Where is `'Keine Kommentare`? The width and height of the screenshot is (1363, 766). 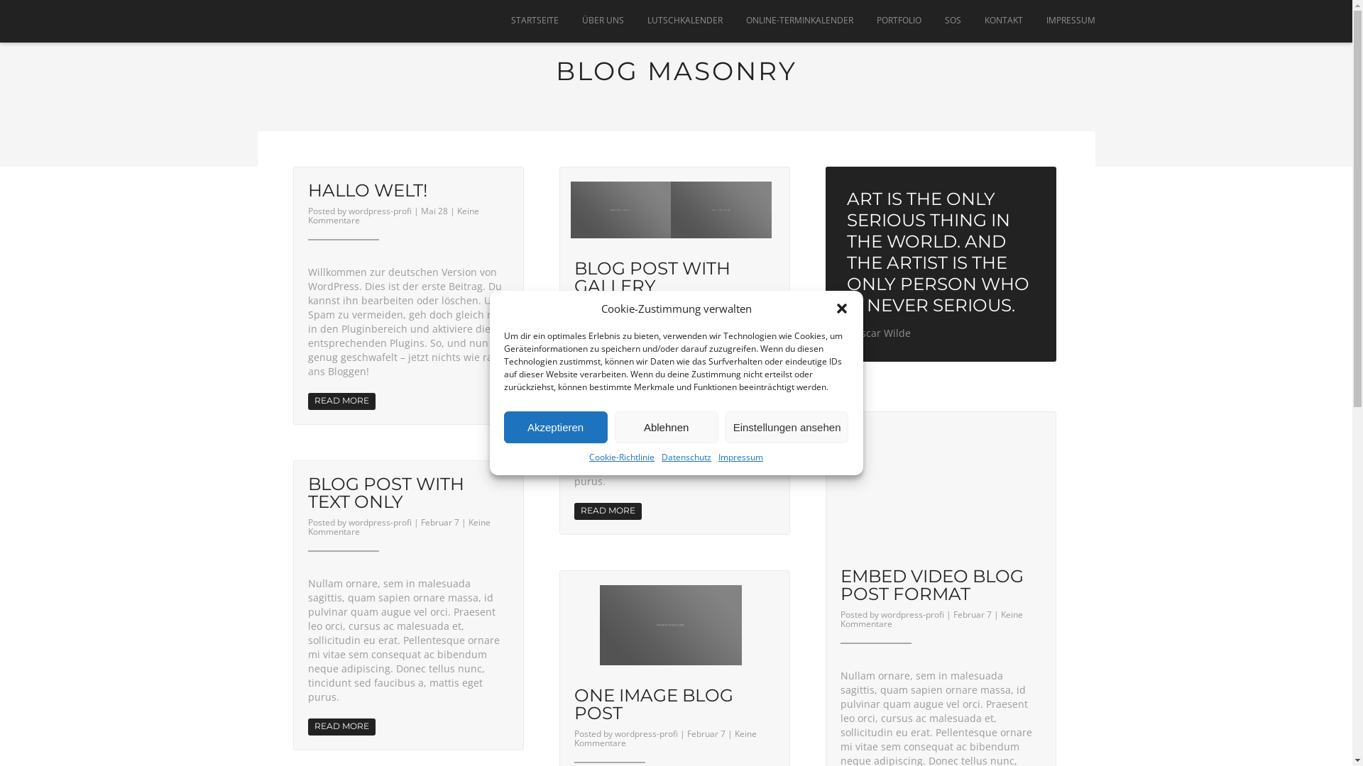
'Keine Kommentare is located at coordinates (931, 618).